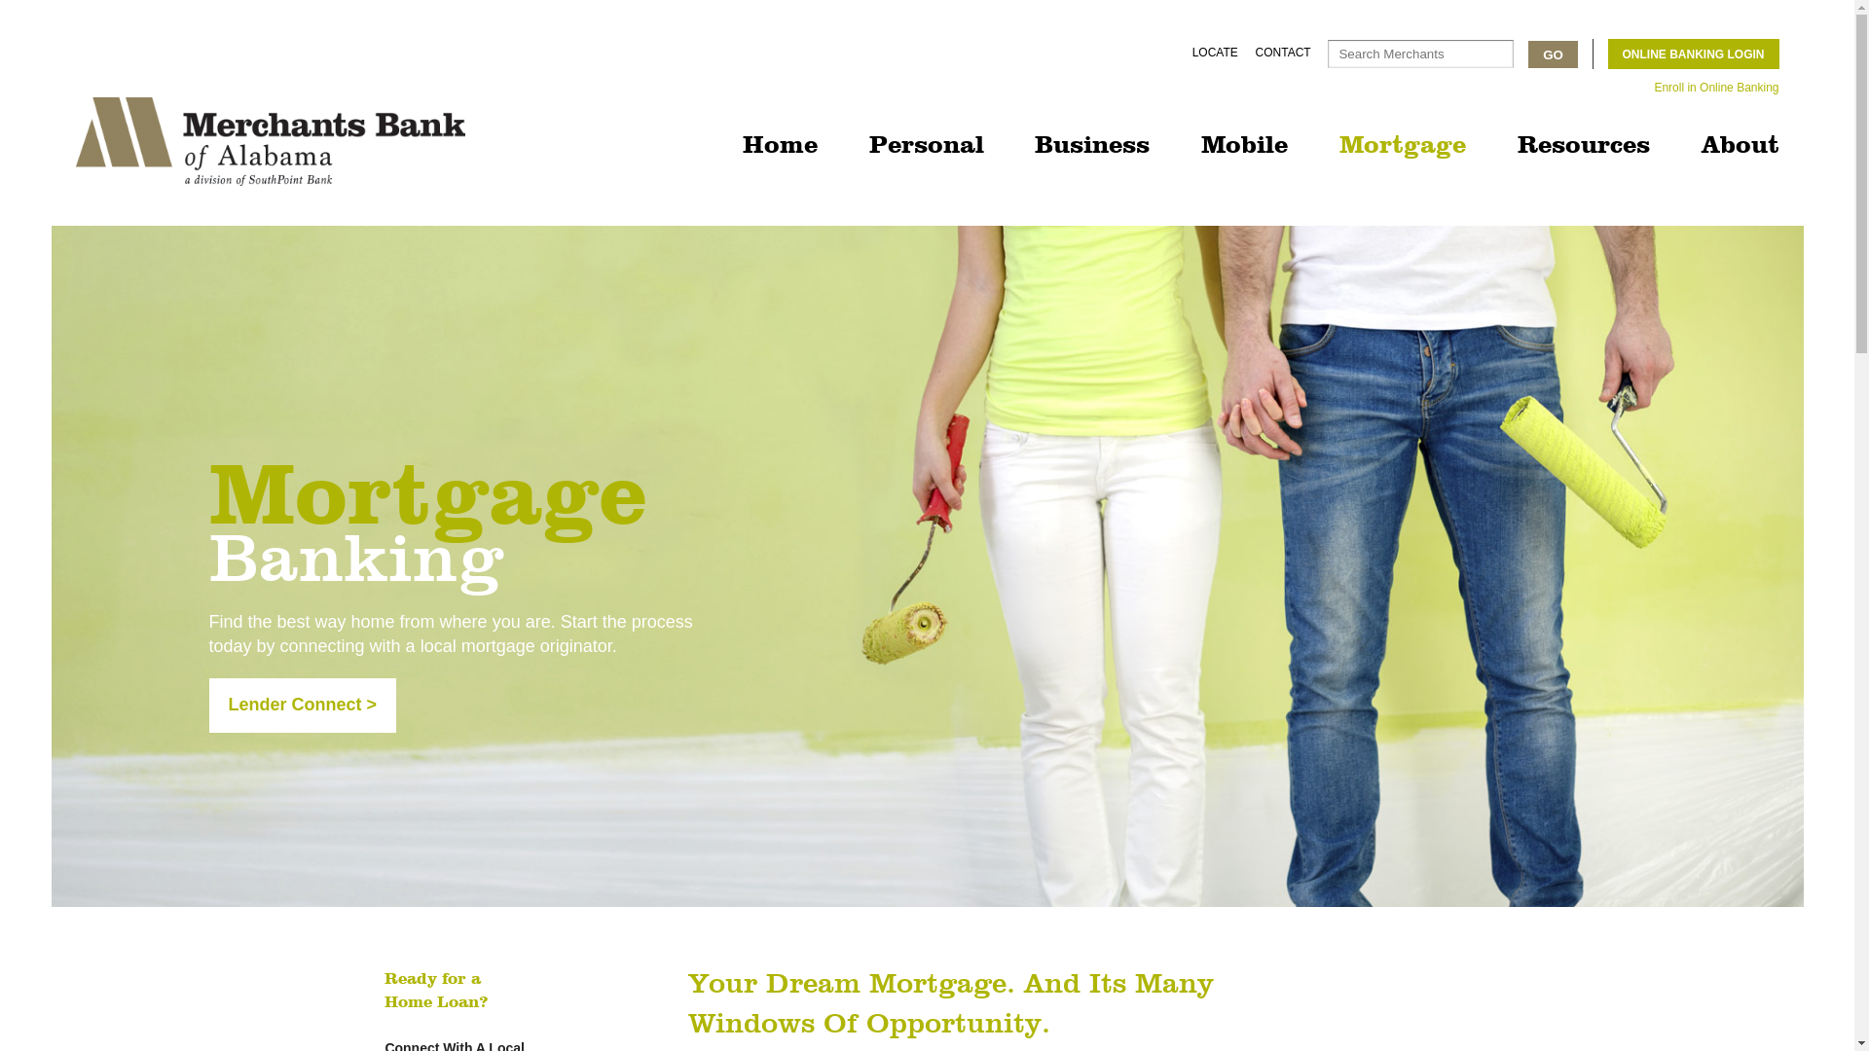  What do you see at coordinates (1092, 145) in the screenshot?
I see `'Business'` at bounding box center [1092, 145].